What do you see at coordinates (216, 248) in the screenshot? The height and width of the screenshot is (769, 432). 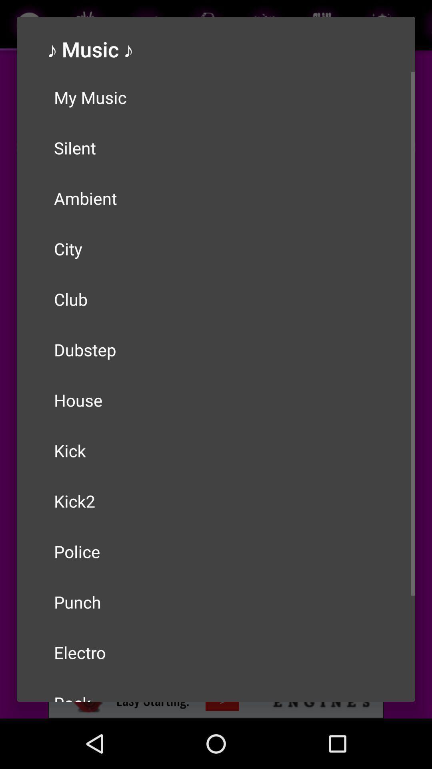 I see `the item below the 		ambient item` at bounding box center [216, 248].